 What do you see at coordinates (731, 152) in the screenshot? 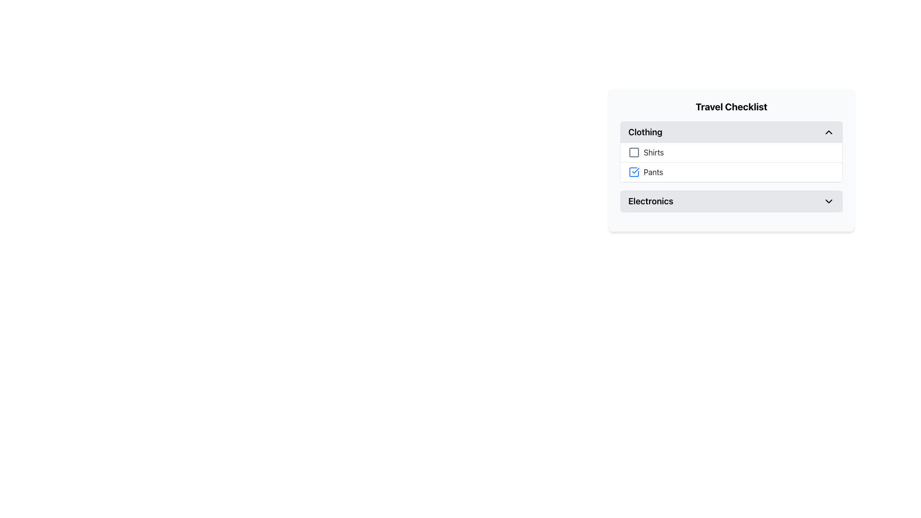
I see `the first selectable list item labeled 'Shirts' in the checklist interface` at bounding box center [731, 152].